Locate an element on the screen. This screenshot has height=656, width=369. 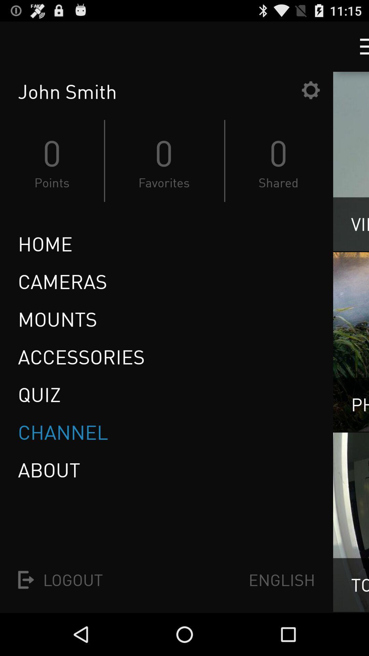
menu is located at coordinates (358, 46).